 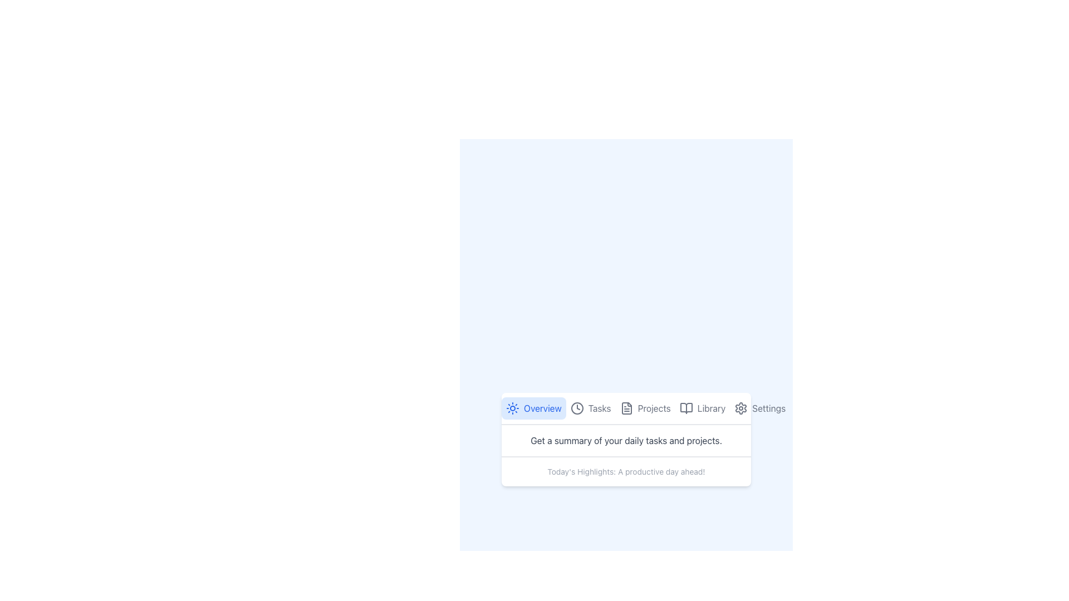 I want to click on the 'Projects' button located in the horizontal navigation bar, which is the third option between 'Tasks' and 'Library', so click(x=645, y=408).